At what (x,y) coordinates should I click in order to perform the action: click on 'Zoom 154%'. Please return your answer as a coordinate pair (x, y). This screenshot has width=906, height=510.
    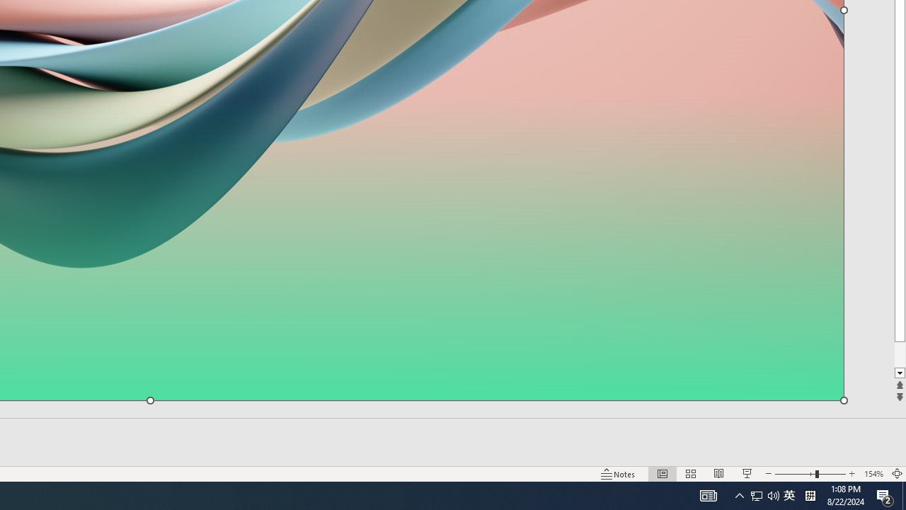
    Looking at the image, I should click on (873, 474).